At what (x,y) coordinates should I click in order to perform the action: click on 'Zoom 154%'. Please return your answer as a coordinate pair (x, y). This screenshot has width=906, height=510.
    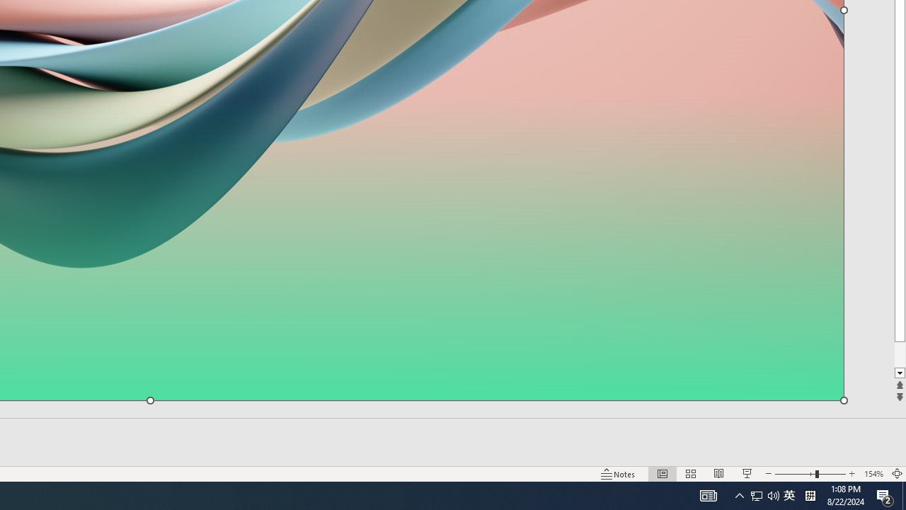
    Looking at the image, I should click on (873, 474).